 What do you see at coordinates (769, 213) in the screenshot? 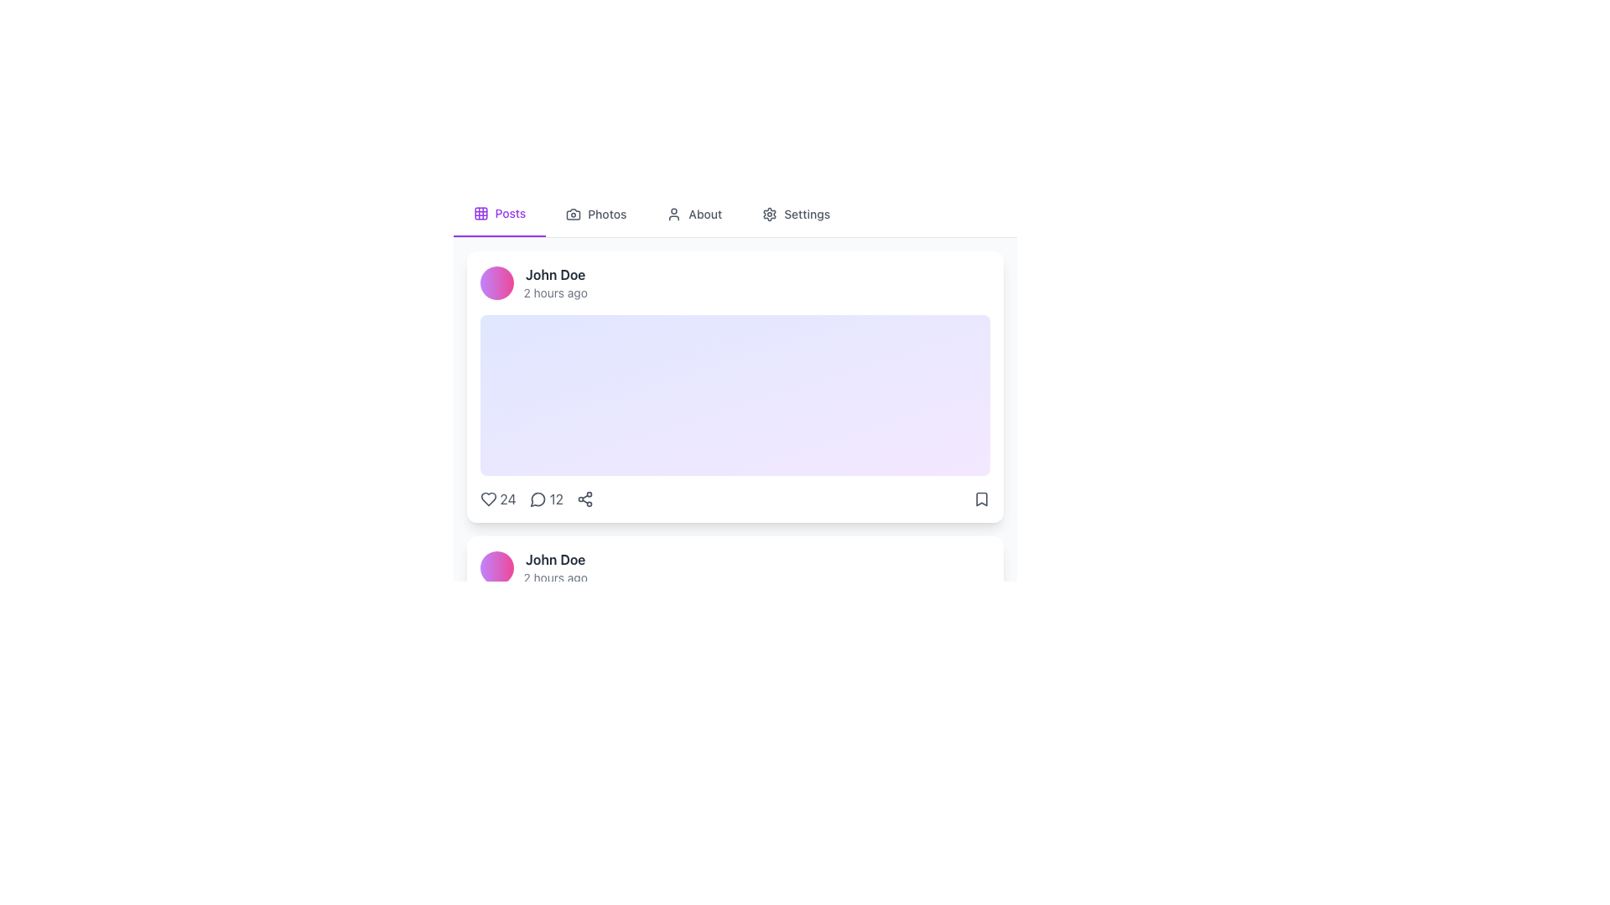
I see `the settings icon located next to the 'Settings' text in the upper navigation bar` at bounding box center [769, 213].